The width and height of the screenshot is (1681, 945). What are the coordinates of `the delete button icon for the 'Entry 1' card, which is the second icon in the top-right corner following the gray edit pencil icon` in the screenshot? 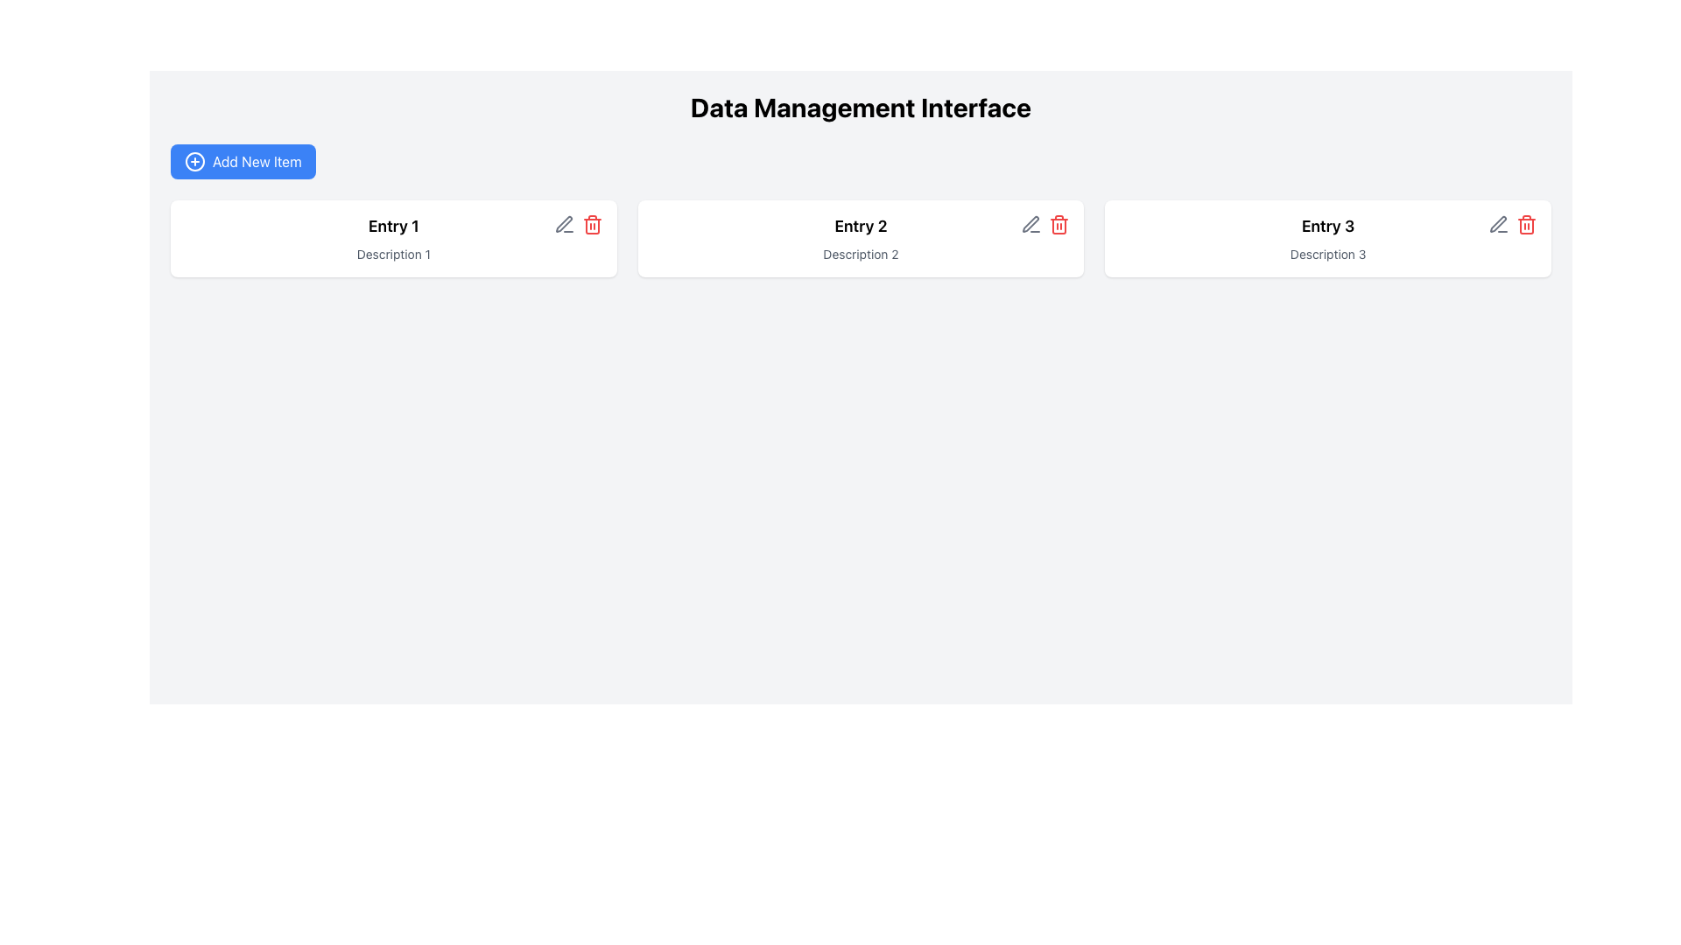 It's located at (592, 224).